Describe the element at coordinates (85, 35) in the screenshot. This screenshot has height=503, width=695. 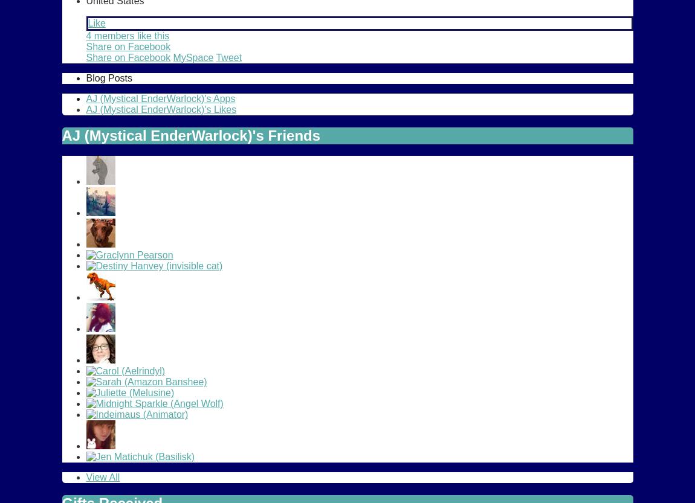
I see `'4 members like this'` at that location.